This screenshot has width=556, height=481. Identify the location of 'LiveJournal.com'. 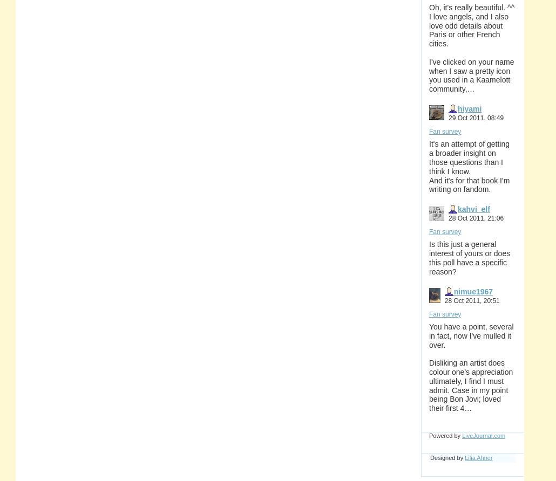
(462, 435).